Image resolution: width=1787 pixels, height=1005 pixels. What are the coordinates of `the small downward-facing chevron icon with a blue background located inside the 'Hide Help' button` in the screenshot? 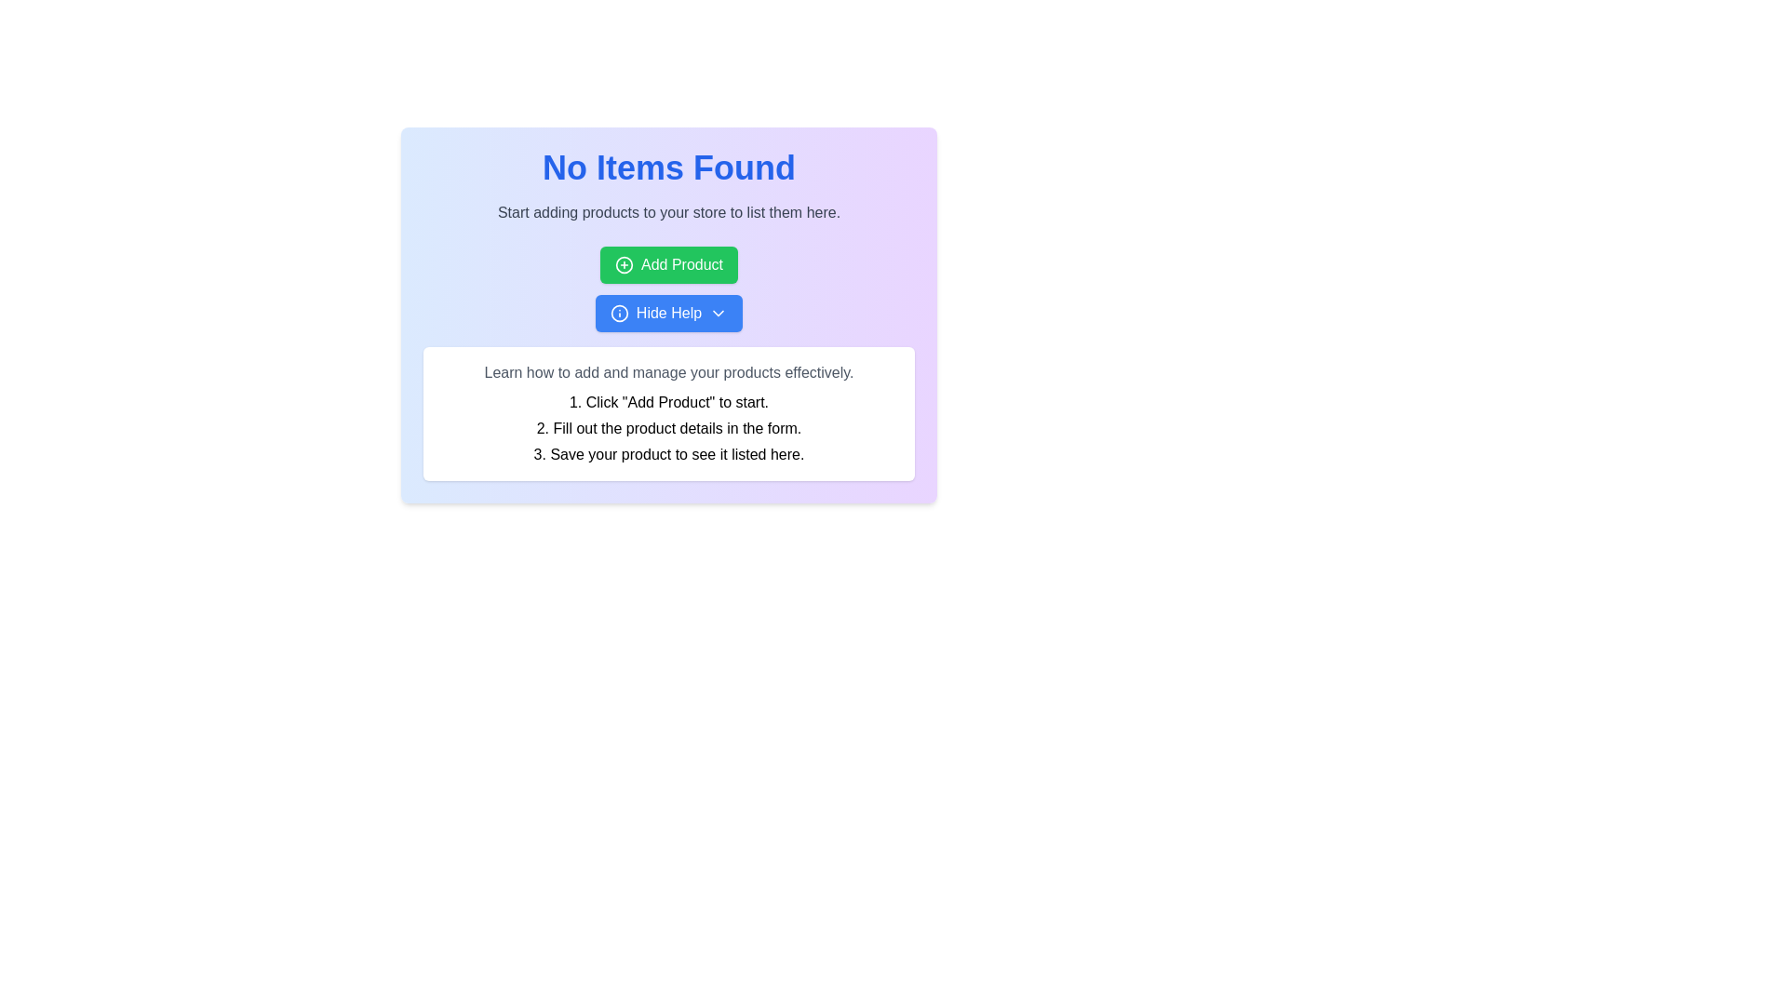 It's located at (718, 312).